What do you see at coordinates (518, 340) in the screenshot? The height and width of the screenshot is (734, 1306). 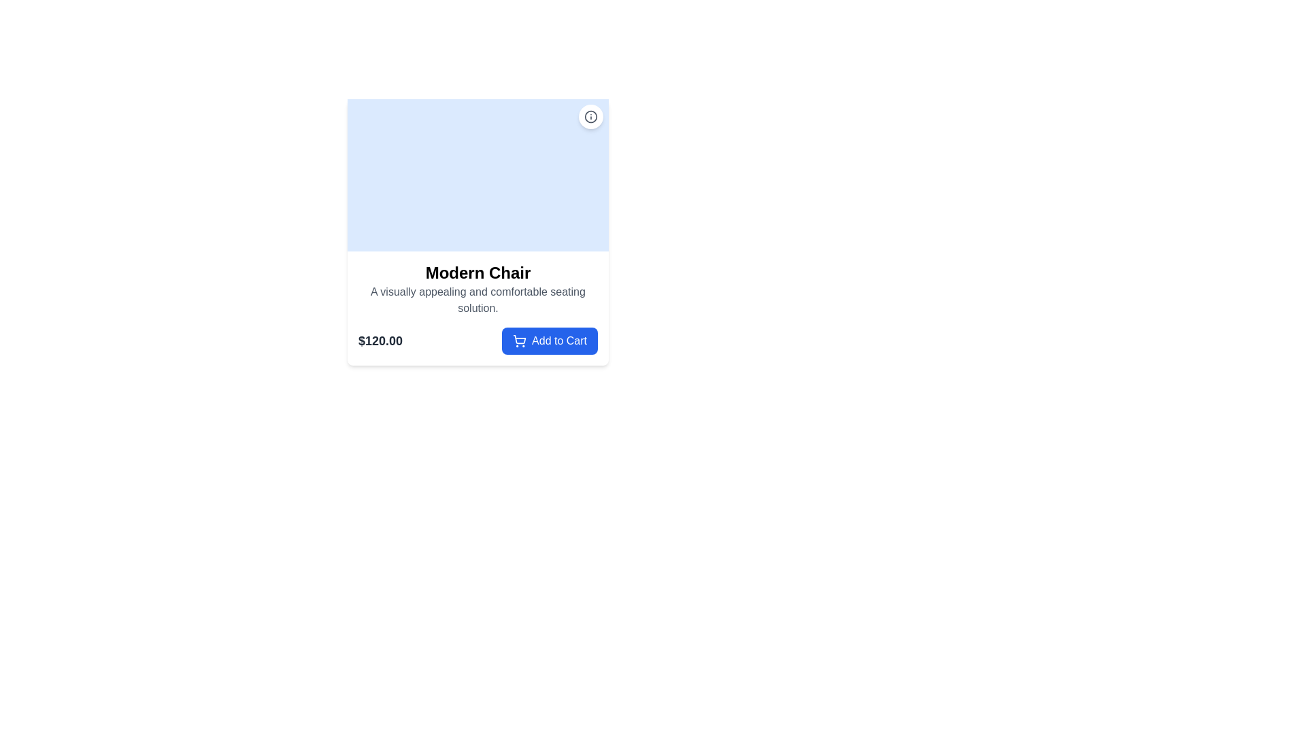 I see `the appearance of the shopping cart icon, which is the leftmost component of the 'Add to Cart' button located at the bottom-right corner of the product card` at bounding box center [518, 340].